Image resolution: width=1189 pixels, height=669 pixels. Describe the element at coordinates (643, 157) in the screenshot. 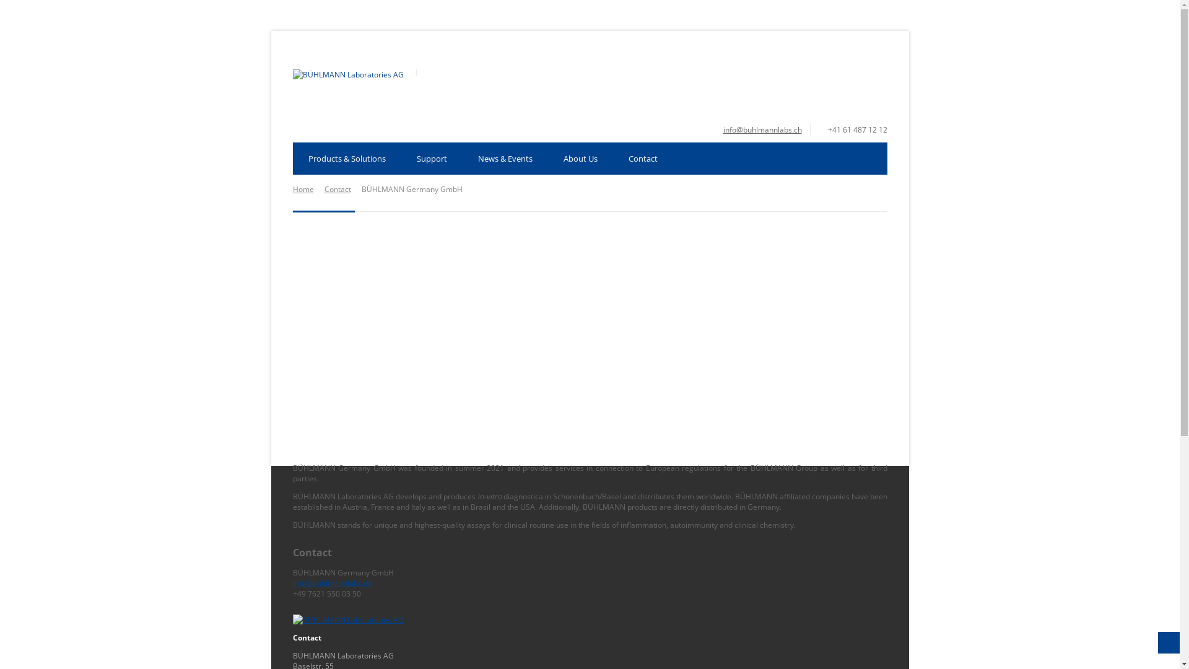

I see `'Contact'` at that location.